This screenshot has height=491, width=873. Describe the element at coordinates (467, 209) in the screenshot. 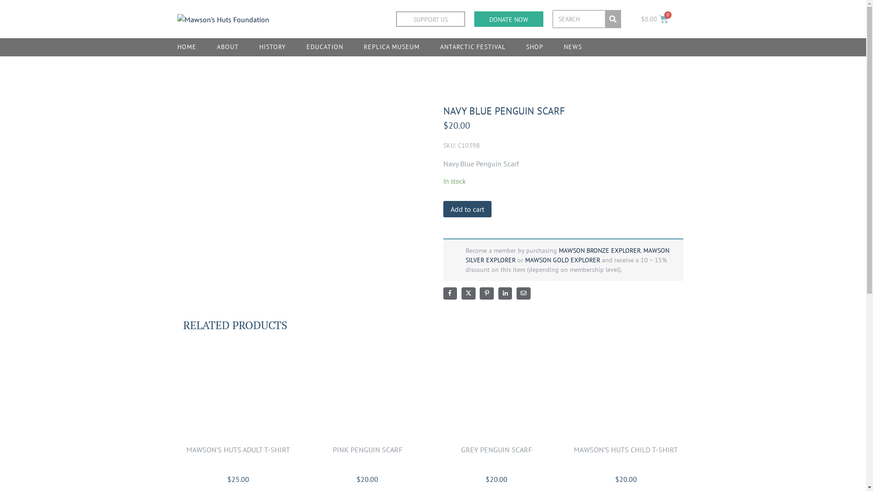

I see `'Add to cart'` at that location.